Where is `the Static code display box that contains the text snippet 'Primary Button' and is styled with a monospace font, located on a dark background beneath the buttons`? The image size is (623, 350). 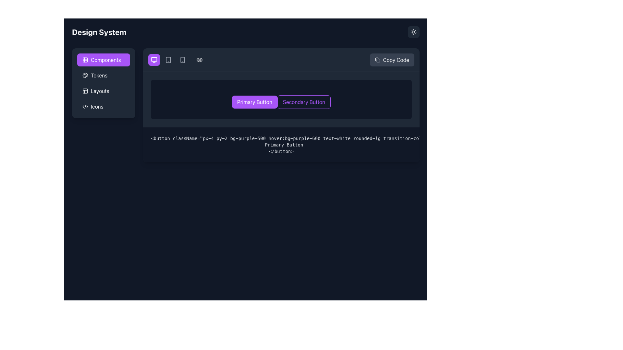 the Static code display box that contains the text snippet 'Primary Button' and is styled with a monospace font, located on a dark background beneath the buttons is located at coordinates (293, 145).